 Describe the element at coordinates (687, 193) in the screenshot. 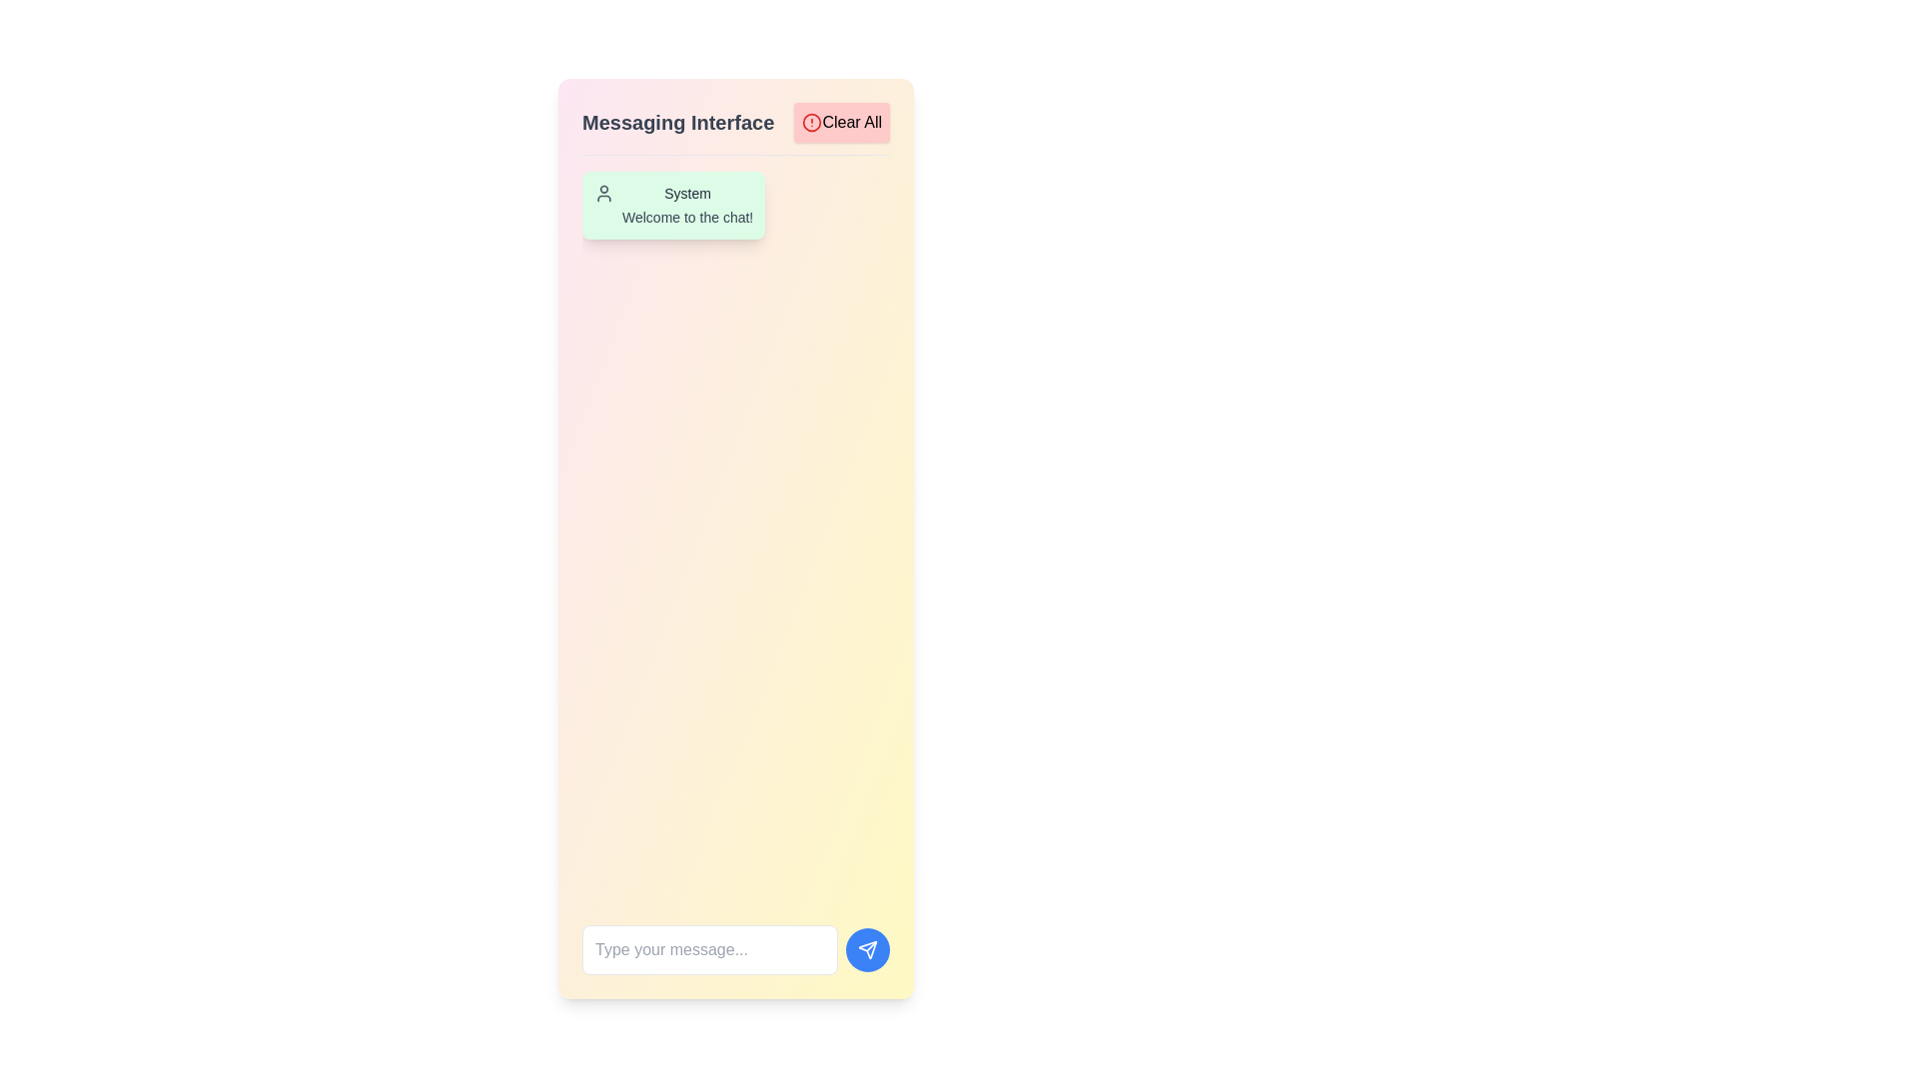

I see `the static text label identifying 'System' as the sender in the green card under the 'Messaging Interface' header` at that location.